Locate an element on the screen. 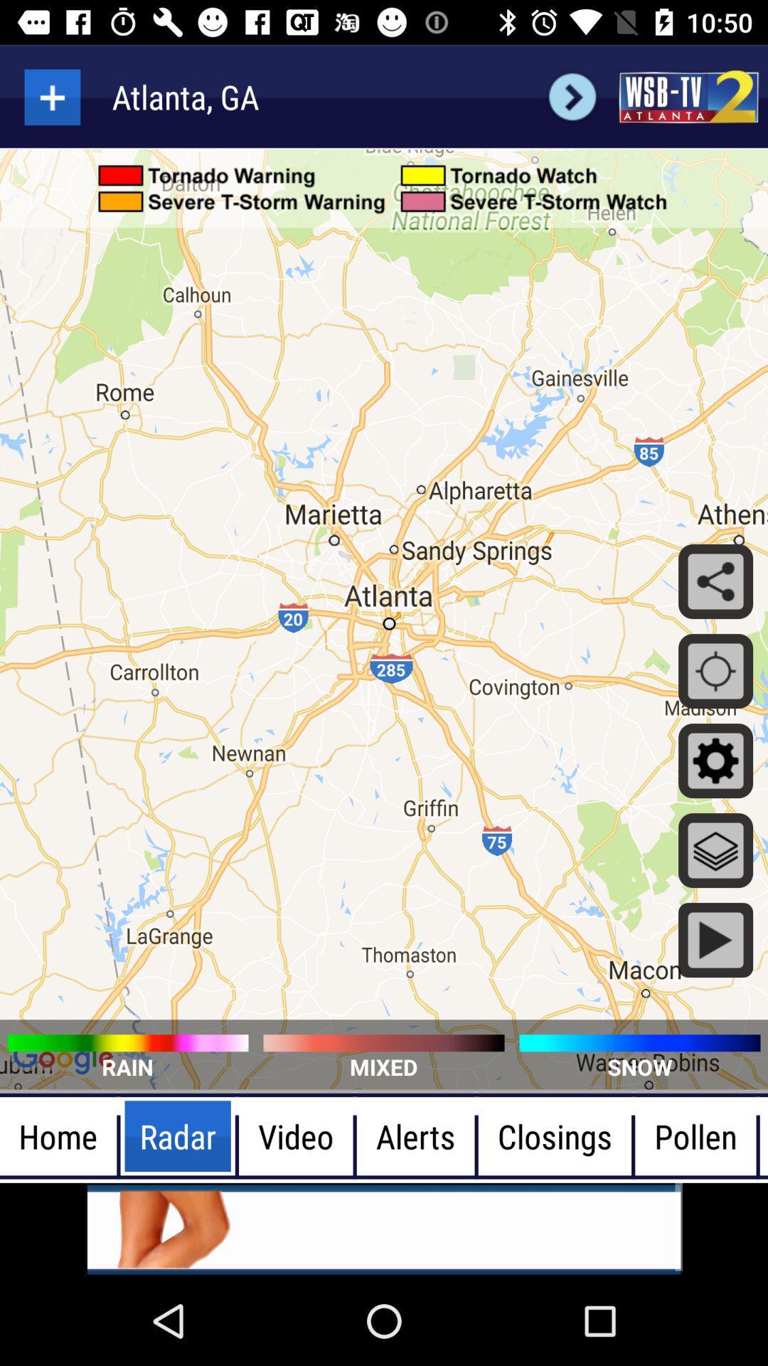 The image size is (768, 1366). next arrow icon is located at coordinates (572, 96).